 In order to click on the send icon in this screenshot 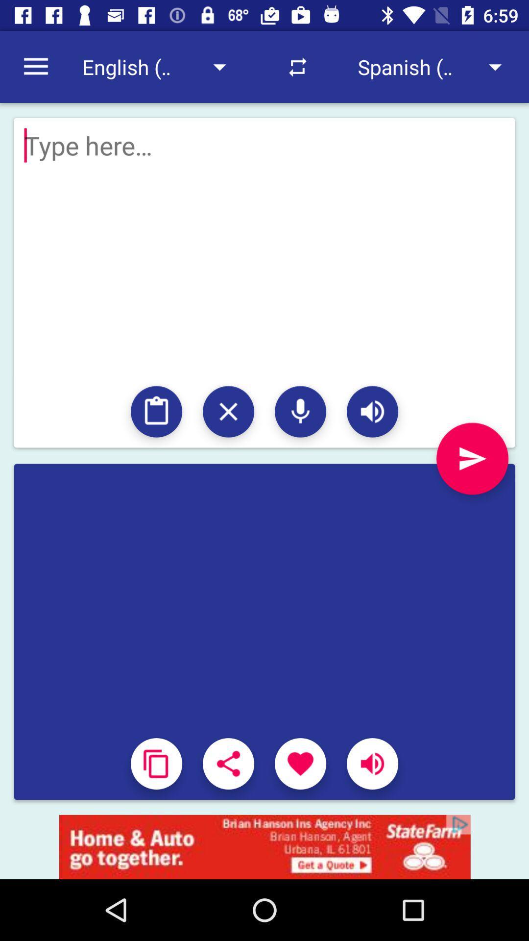, I will do `click(472, 458)`.